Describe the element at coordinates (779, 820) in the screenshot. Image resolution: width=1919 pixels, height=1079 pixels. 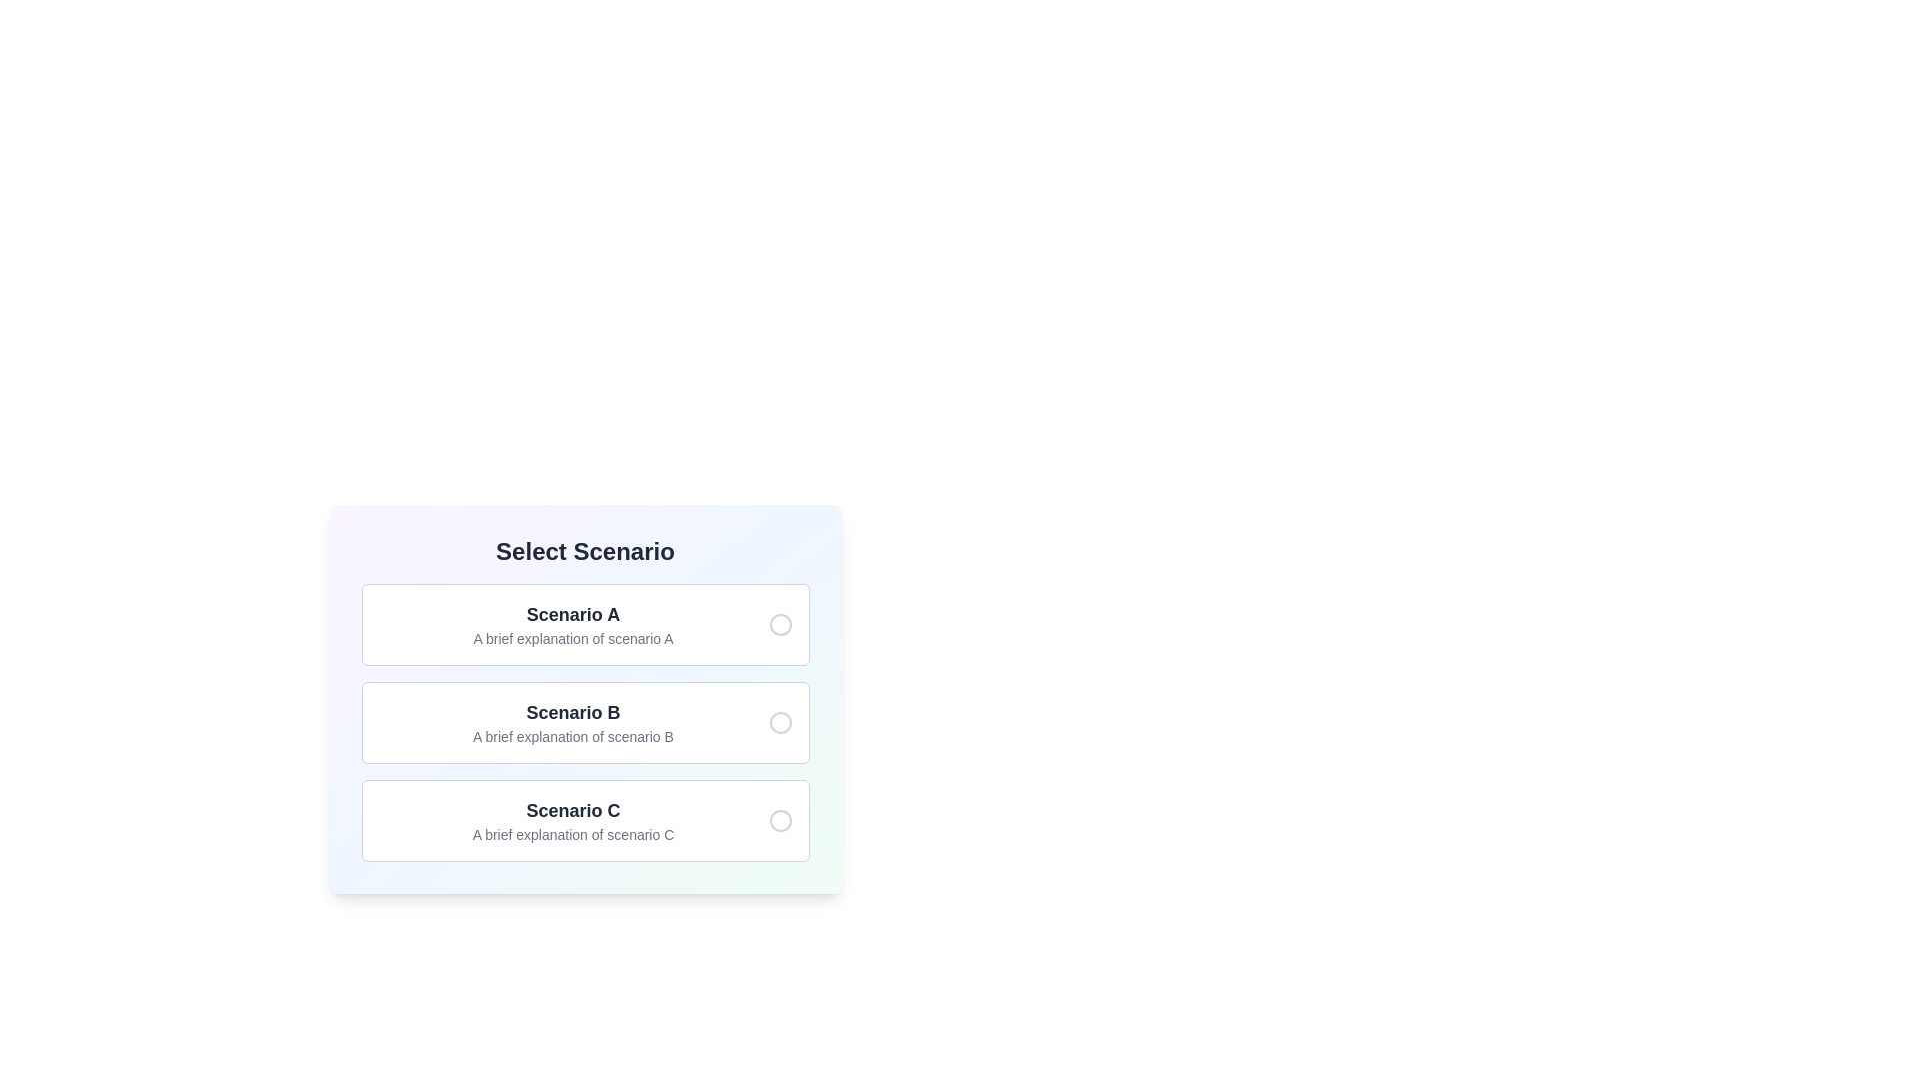
I see `the radio button for 'Scenario C'` at that location.